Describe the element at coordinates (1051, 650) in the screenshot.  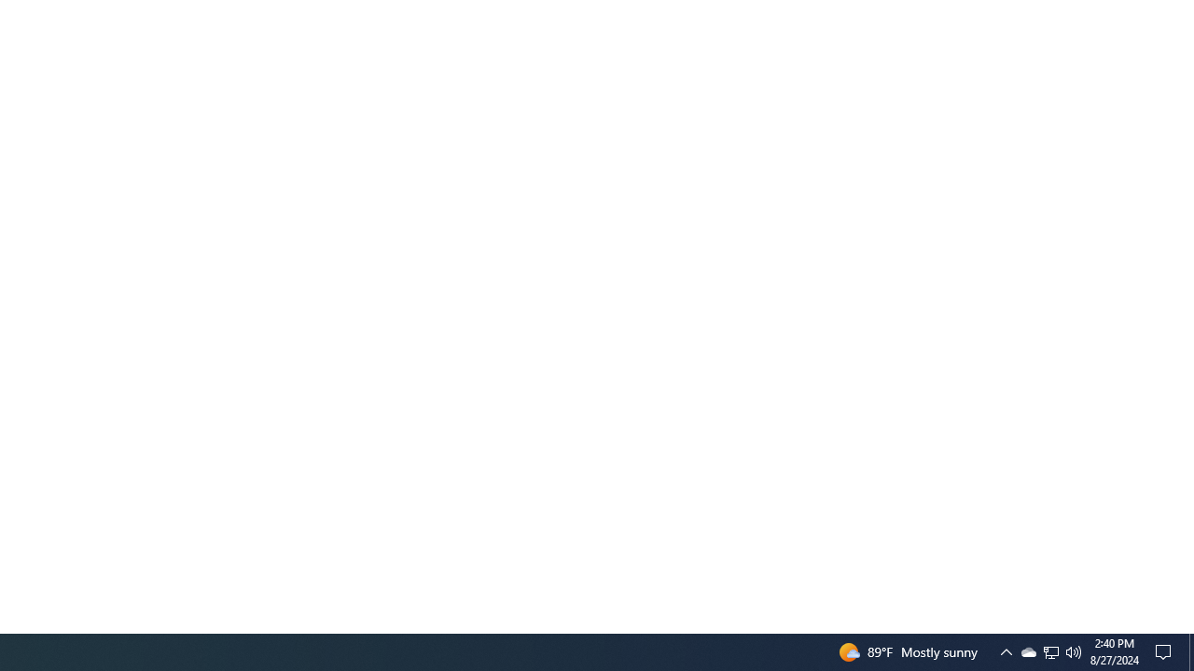
I see `'Q2790: 100%'` at that location.